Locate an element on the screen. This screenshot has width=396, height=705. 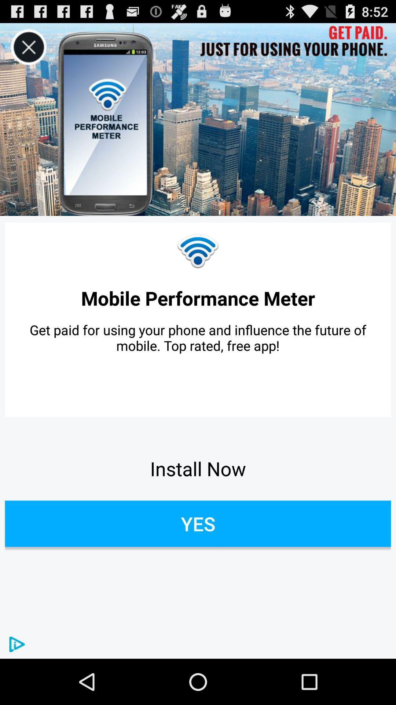
the get paid for item is located at coordinates (198, 337).